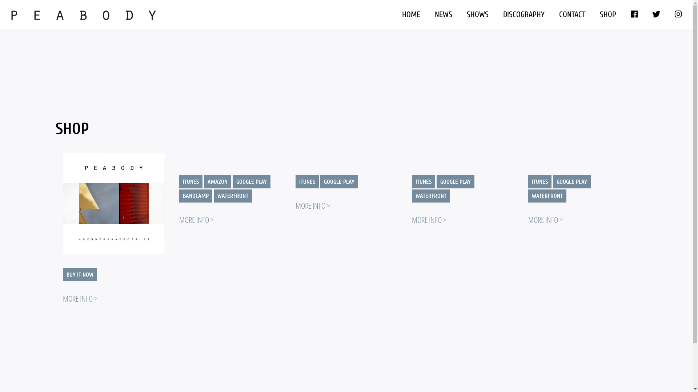  Describe the element at coordinates (455, 181) in the screenshot. I see `'GOOGLE PLAY'` at that location.